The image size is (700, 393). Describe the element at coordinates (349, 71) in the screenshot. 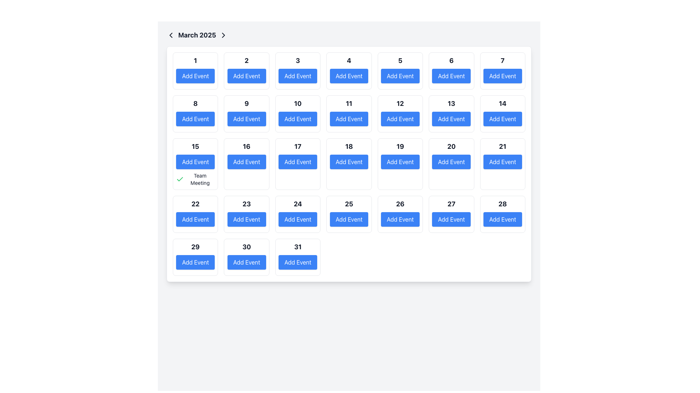

I see `the 'Add Event' button for the calendar day labeled '4' in the March 2025 calendar, located in the first row, fourth column of the grid` at that location.